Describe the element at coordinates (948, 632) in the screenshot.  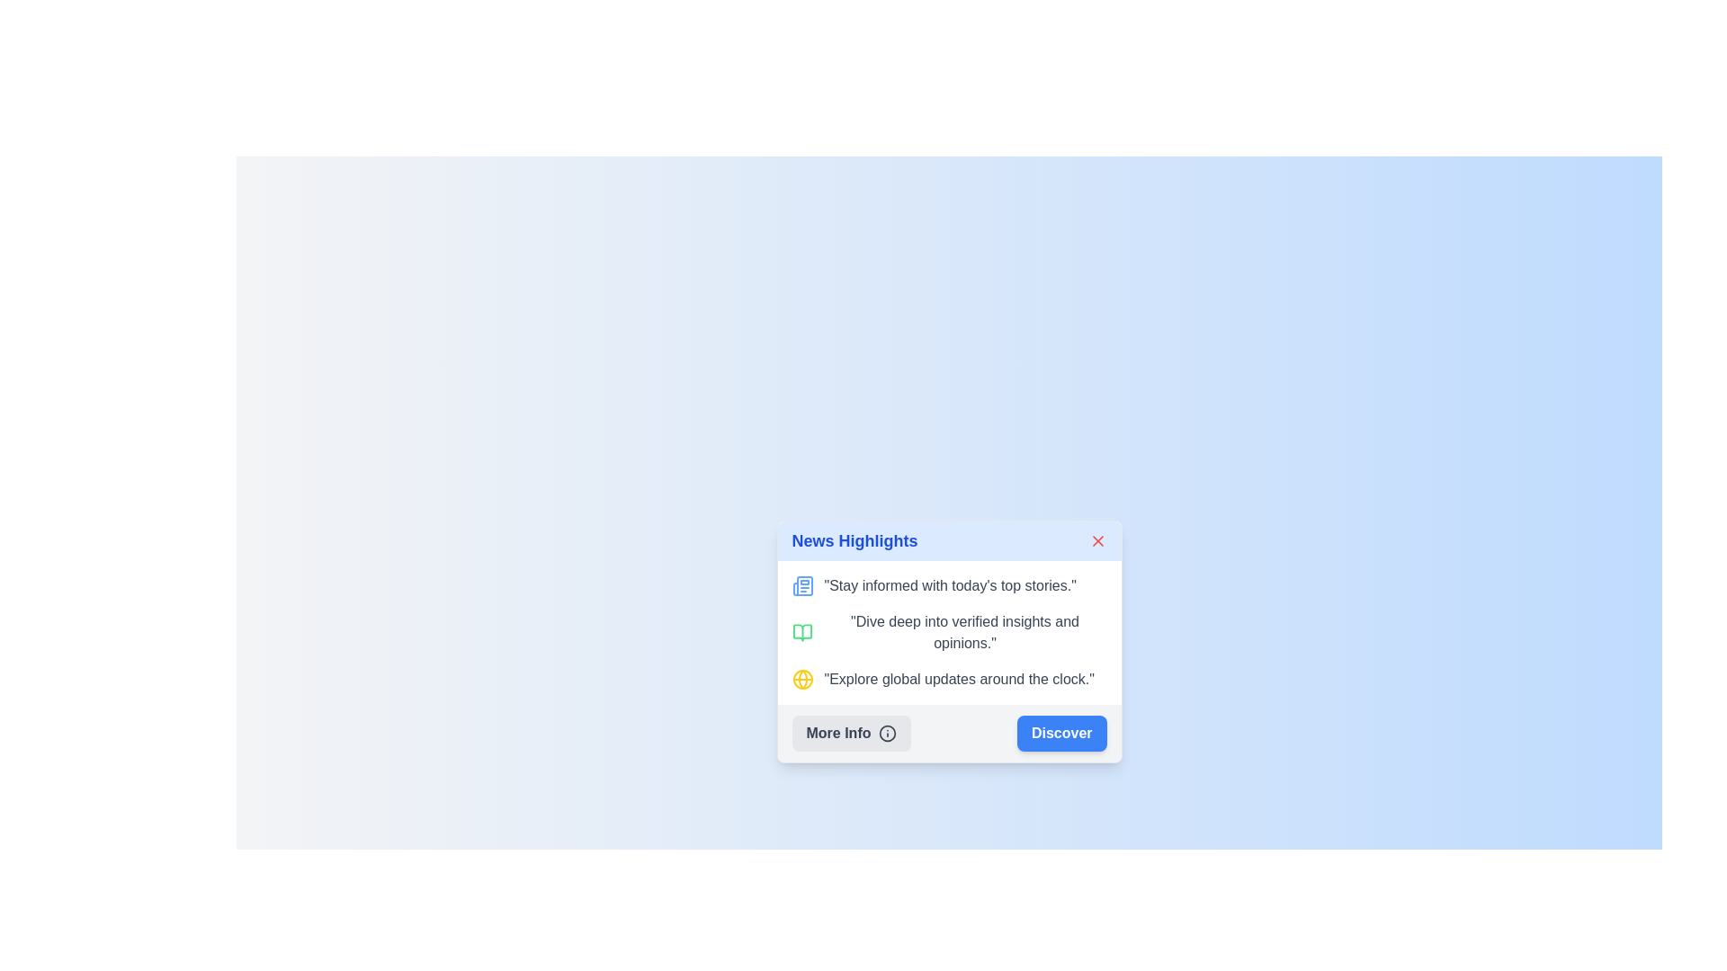
I see `text from the informational block containing a green outline of an open book icon and the text 'Dive deep into verified insights and opinions.'` at that location.